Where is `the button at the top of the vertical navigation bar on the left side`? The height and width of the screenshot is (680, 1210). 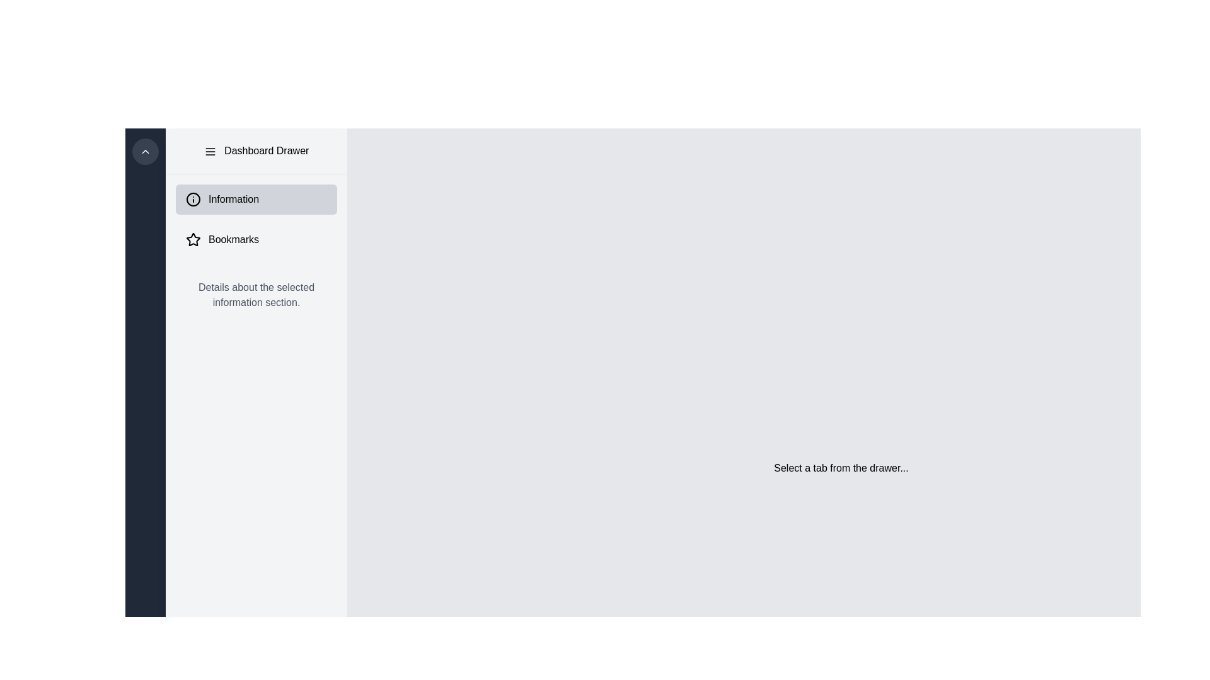 the button at the top of the vertical navigation bar on the left side is located at coordinates (145, 150).